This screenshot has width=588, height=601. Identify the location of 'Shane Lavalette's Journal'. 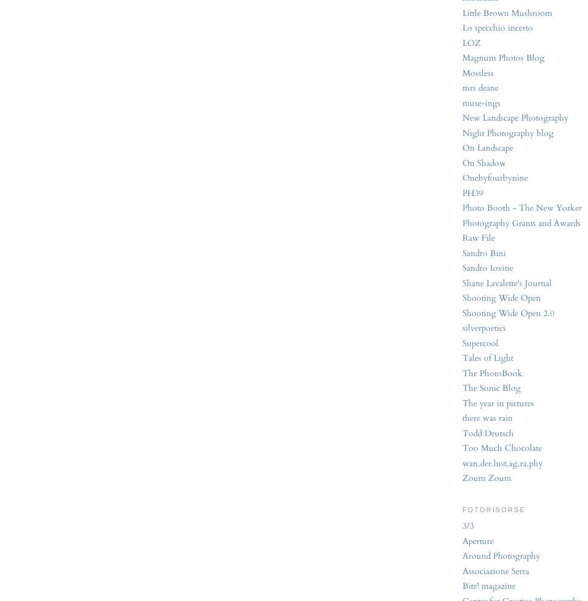
(507, 282).